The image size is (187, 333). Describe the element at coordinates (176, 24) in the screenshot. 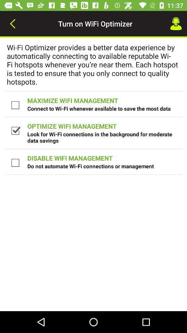

I see `the icon to the right of turn on wifi item` at that location.